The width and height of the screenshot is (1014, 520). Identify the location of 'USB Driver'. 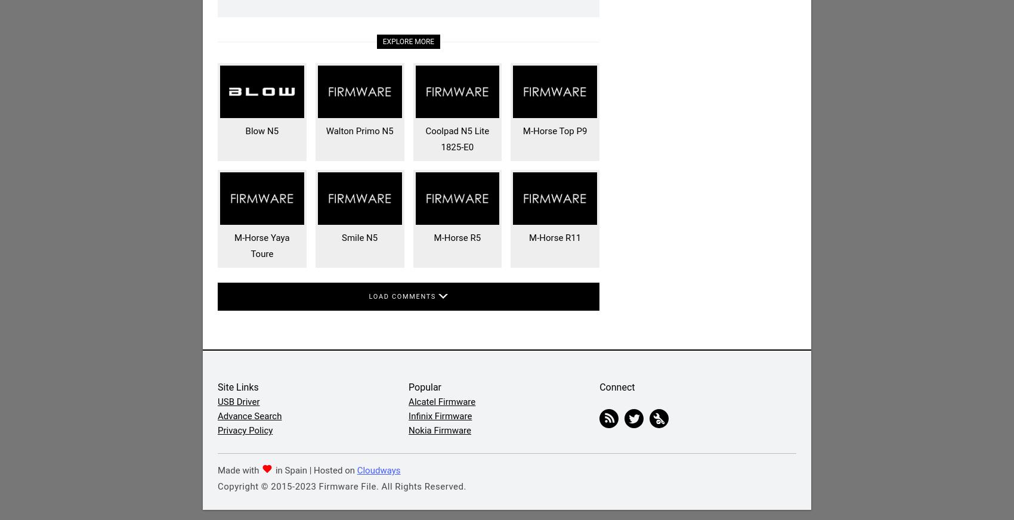
(238, 401).